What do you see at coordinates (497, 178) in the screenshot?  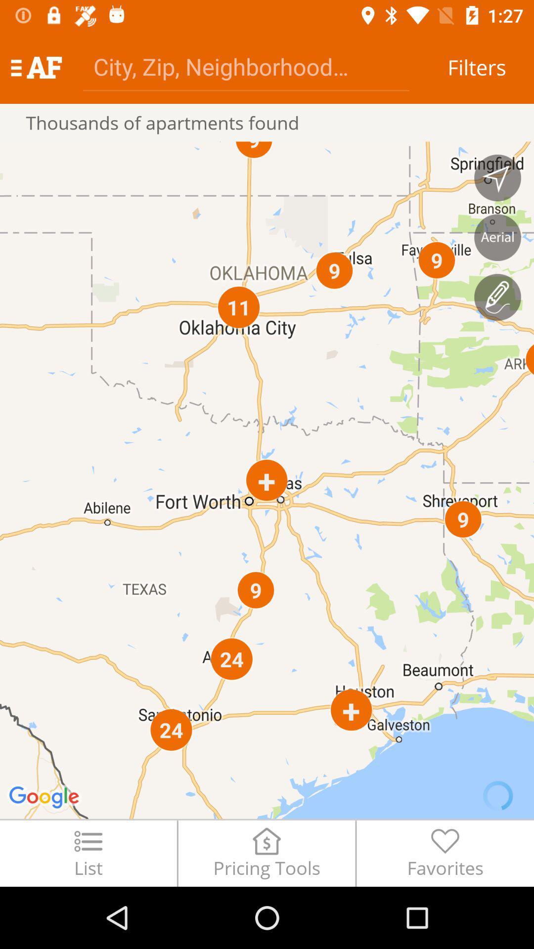 I see `goes to user location` at bounding box center [497, 178].